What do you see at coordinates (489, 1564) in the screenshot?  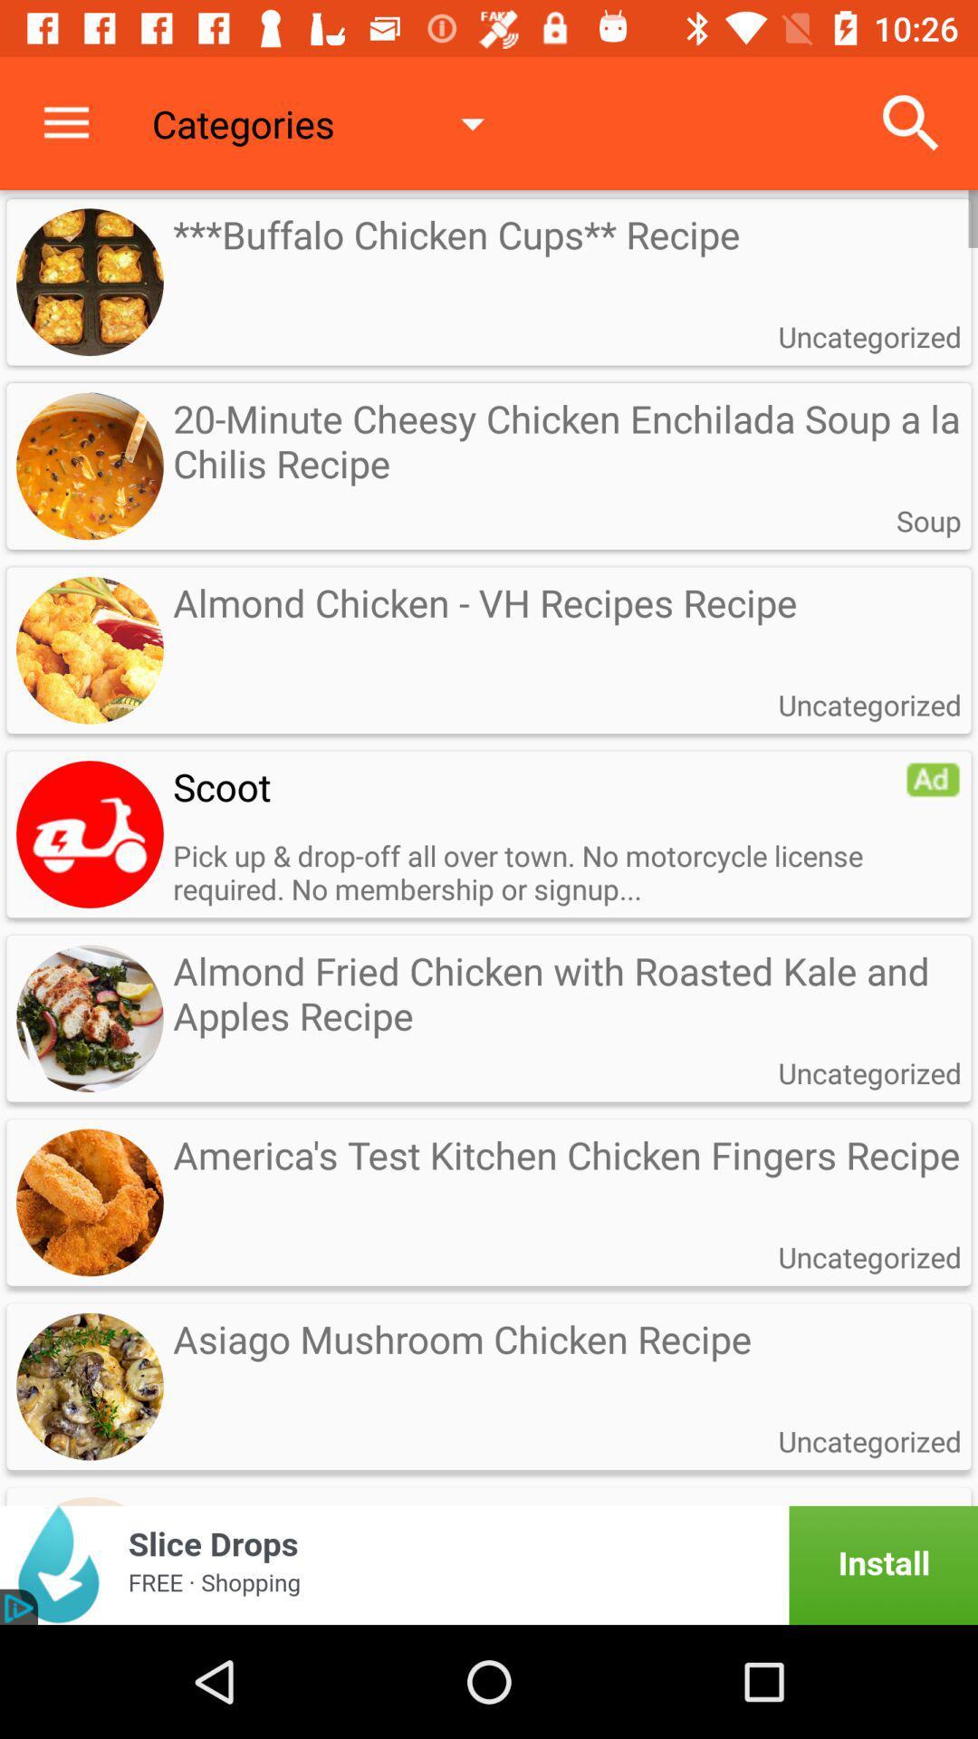 I see `click advertisement banner to install slice drops app` at bounding box center [489, 1564].